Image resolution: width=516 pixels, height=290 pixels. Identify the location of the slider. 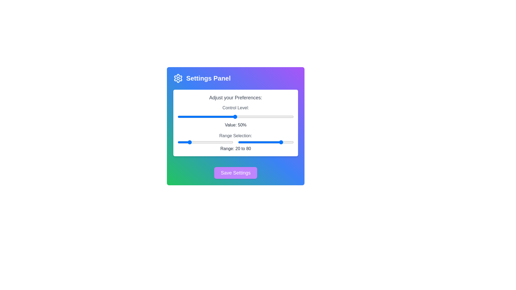
(197, 142).